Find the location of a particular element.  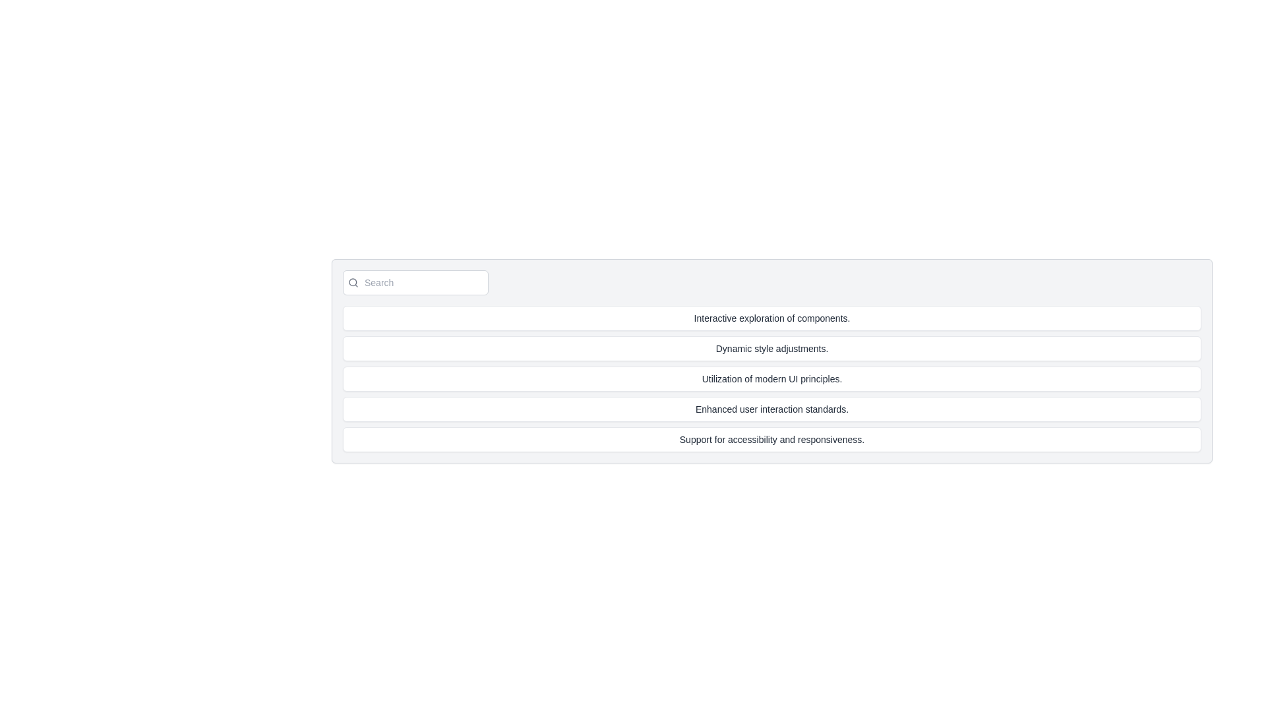

the character 'c' in the word 'interaction' within the text 'Enhanced user interaction standards.' is located at coordinates (785, 409).